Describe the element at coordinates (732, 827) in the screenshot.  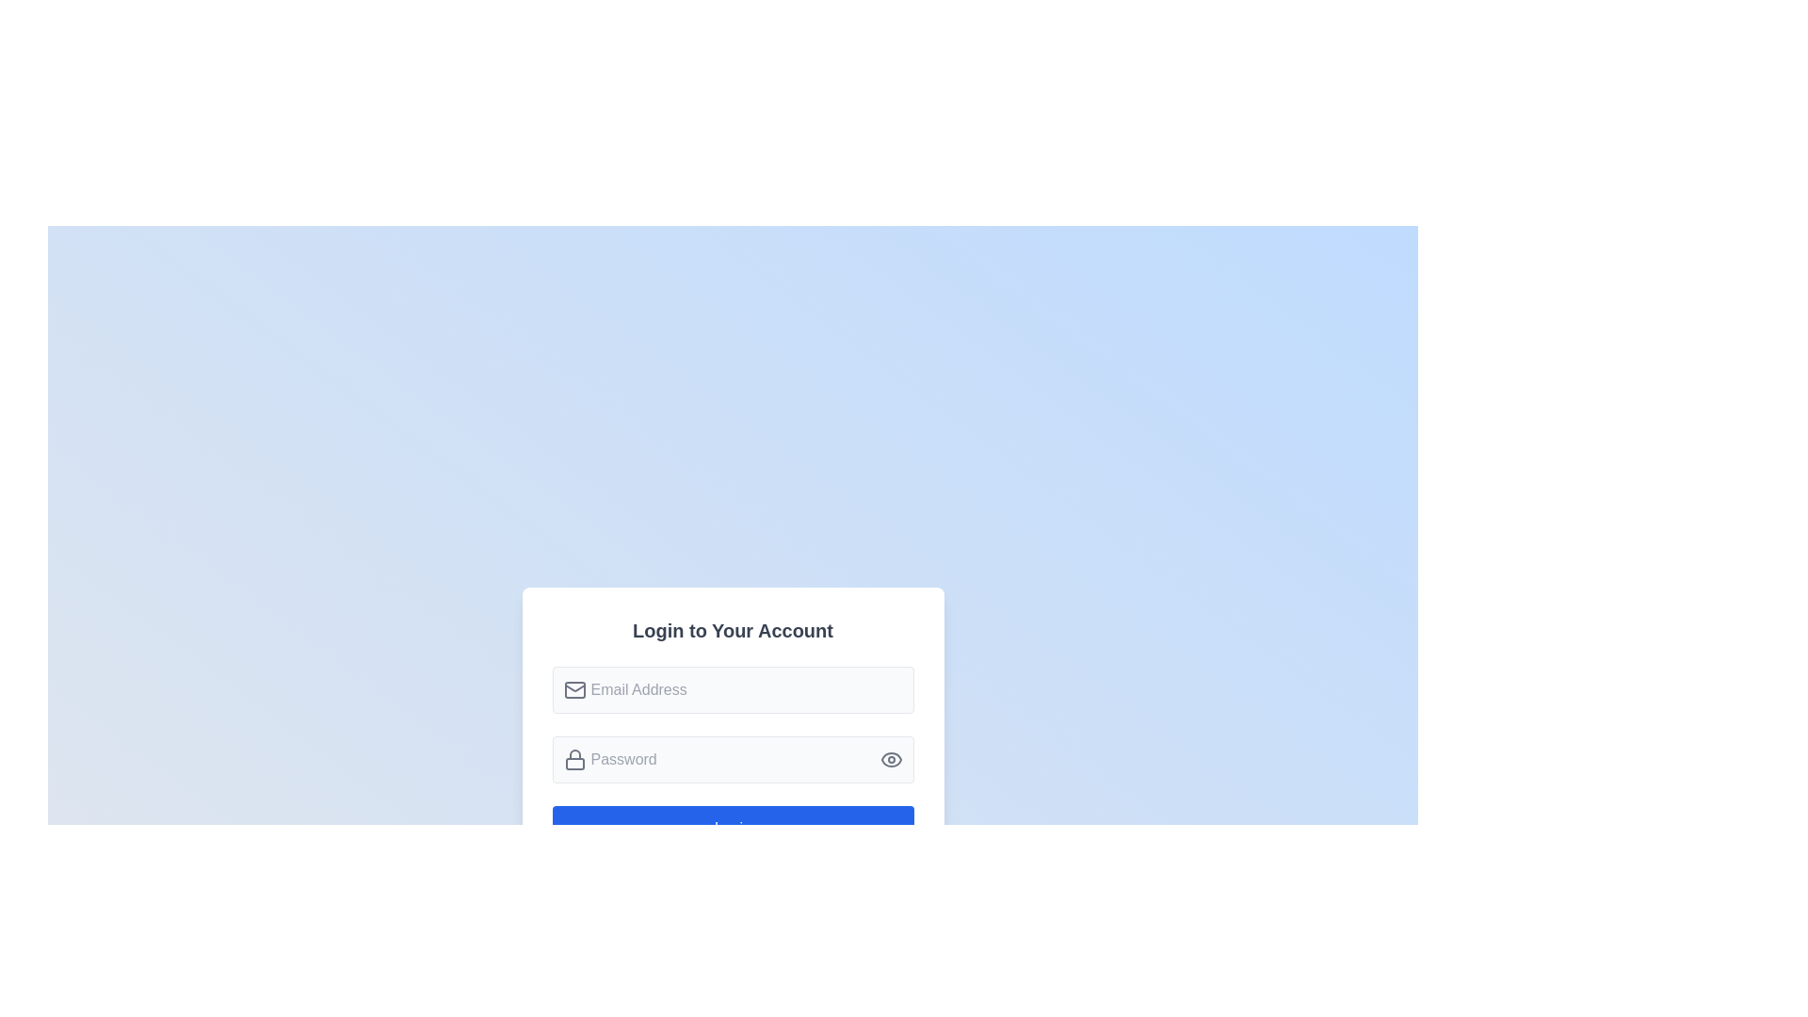
I see `the 'Login' button with a blue background and white text located at the bottom of the form` at that location.